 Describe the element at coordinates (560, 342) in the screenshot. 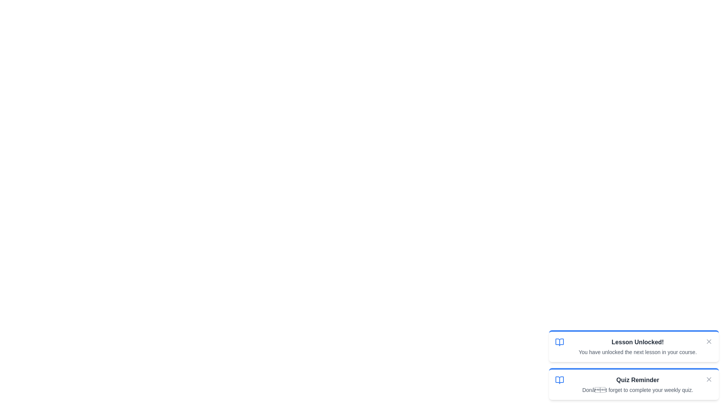

I see `book icon to focus on the notification content for 1` at that location.